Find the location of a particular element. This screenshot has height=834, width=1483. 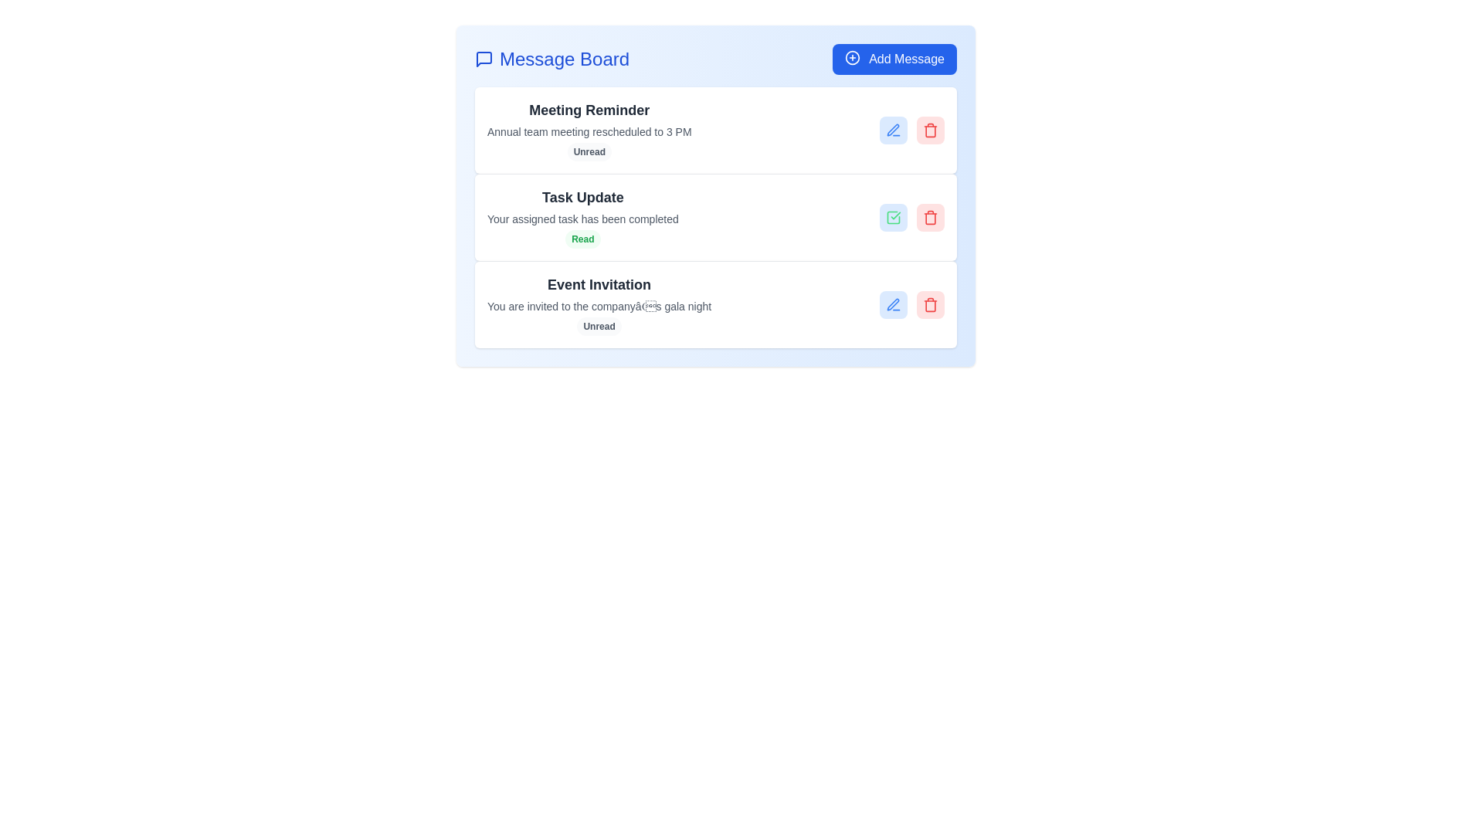

the Status Tag Label displaying 'Unread', which is a pill-shaped label with a light gray background and dark gray bold text, located below the title 'Meeting Reminder' and to the left of the action buttons is located at coordinates (589, 151).